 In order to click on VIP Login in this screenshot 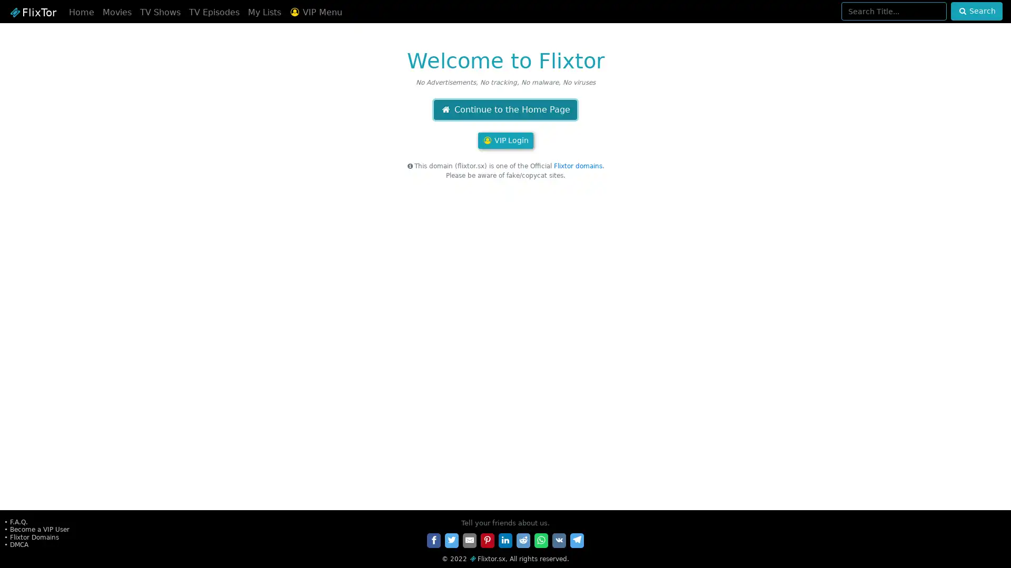, I will do `click(504, 140)`.